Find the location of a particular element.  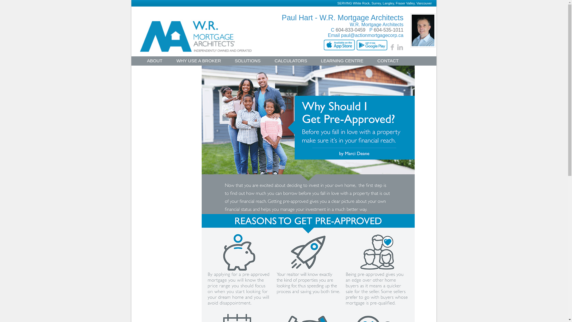

'ABOUT' is located at coordinates (140, 62).